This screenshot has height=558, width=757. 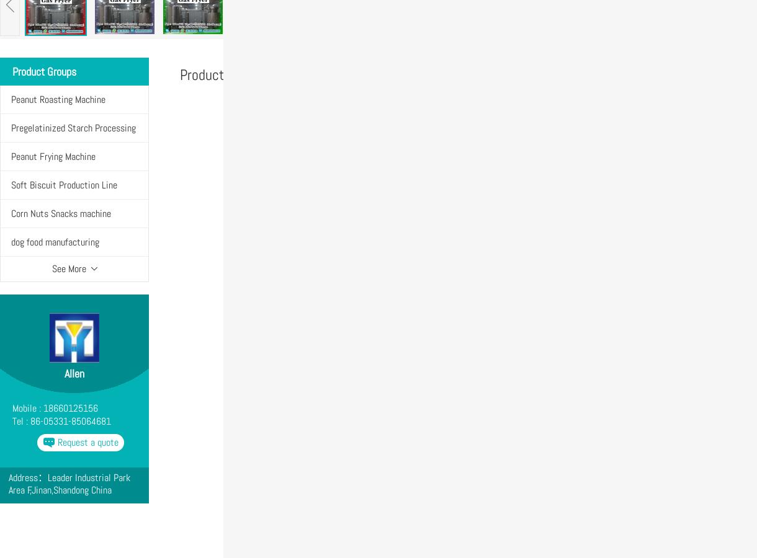 What do you see at coordinates (53, 156) in the screenshot?
I see `'Peanut Frying Machine'` at bounding box center [53, 156].